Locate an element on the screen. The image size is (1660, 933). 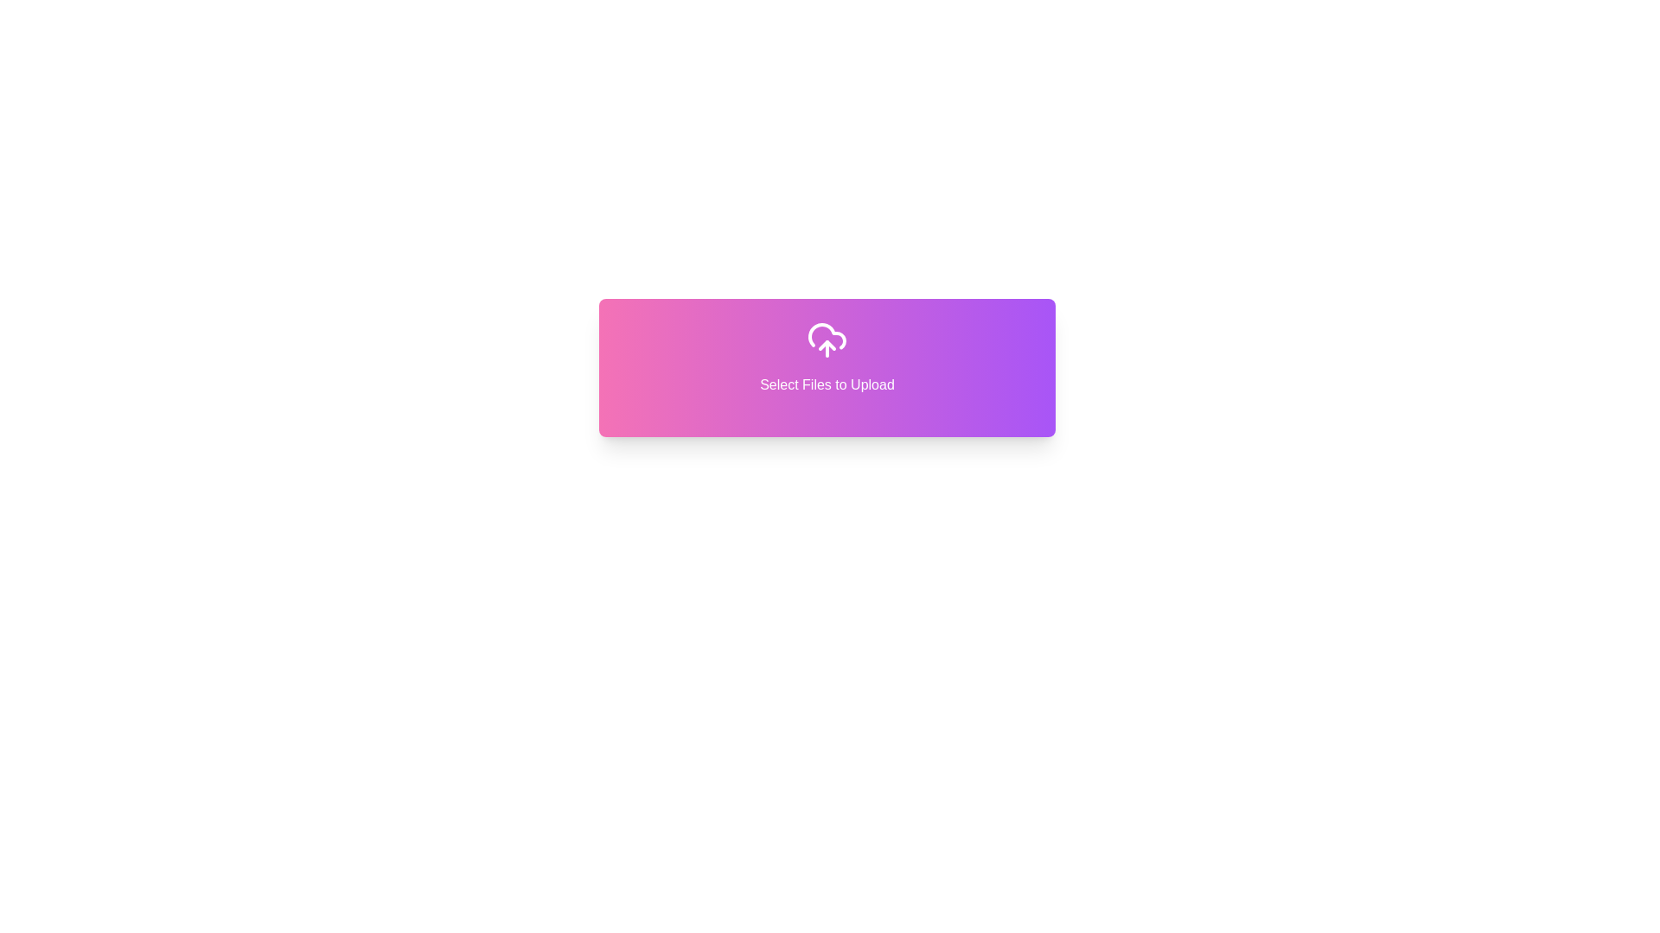
the centrally placed button within the fixed white rectangular box to initiate a file upload process is located at coordinates (826, 366).